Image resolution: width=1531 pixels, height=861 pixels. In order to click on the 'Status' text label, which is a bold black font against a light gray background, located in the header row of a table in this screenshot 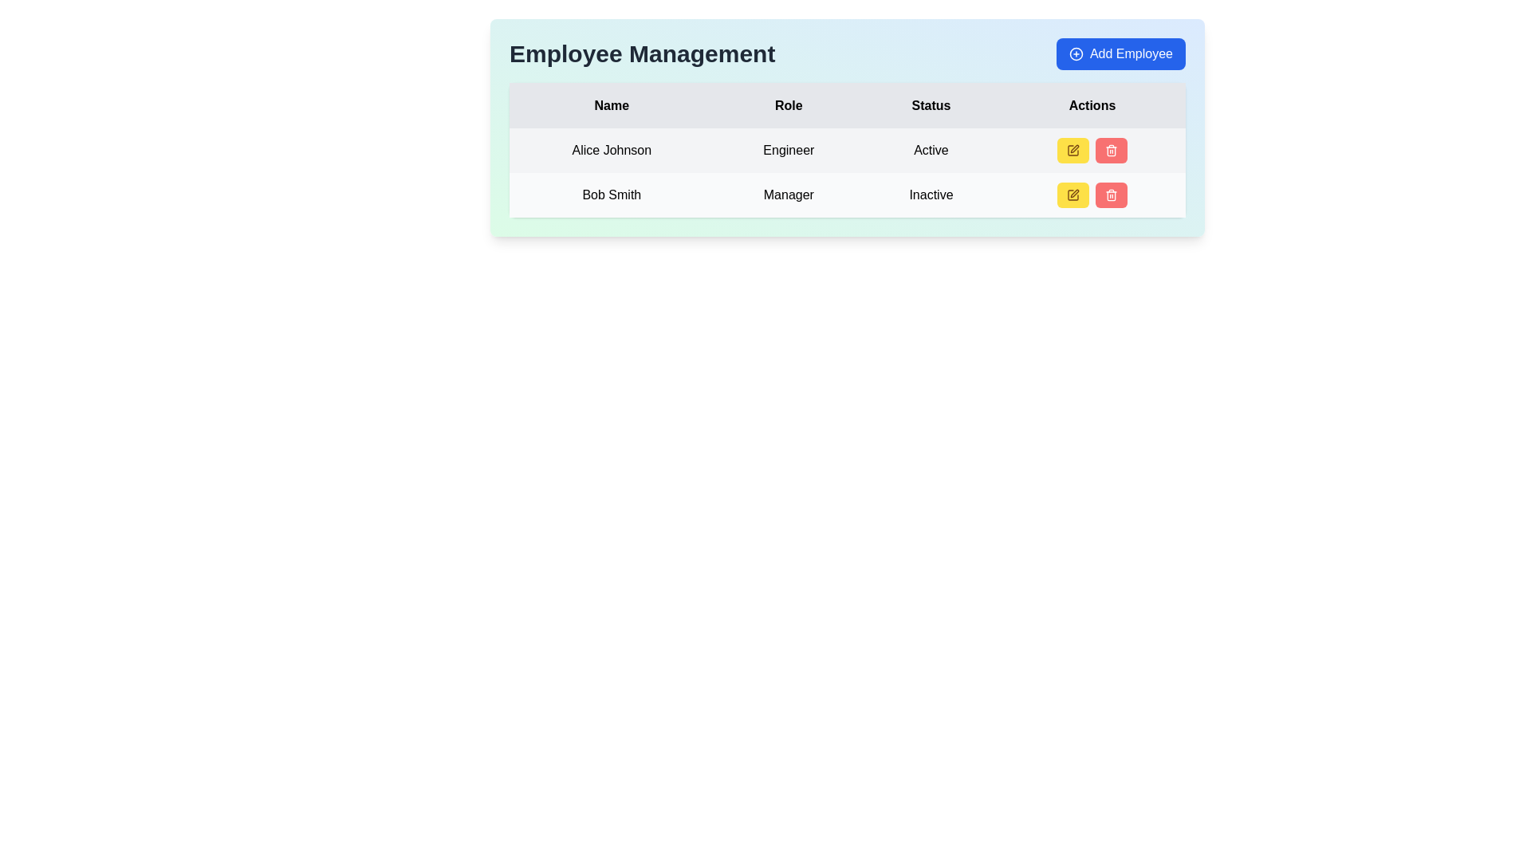, I will do `click(931, 105)`.